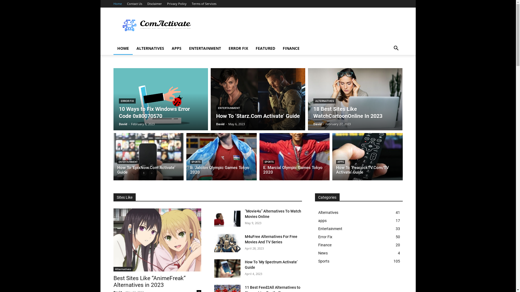 The height and width of the screenshot is (292, 520). I want to click on '10 Ways to Fix Windows Error Code 0x80070570', so click(154, 112).